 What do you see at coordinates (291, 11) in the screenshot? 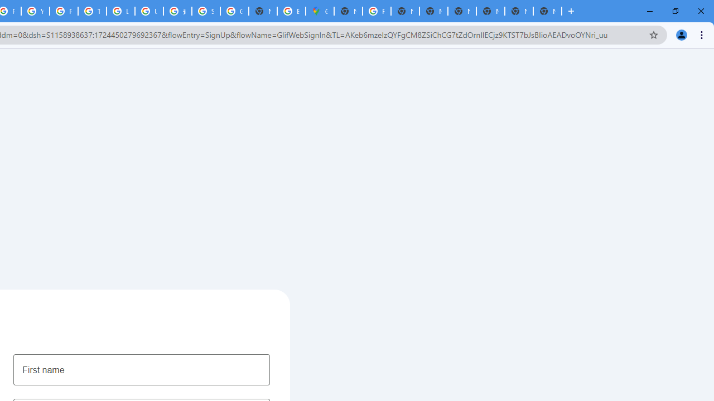
I see `'Explore new street-level details - Google Maps Help'` at bounding box center [291, 11].